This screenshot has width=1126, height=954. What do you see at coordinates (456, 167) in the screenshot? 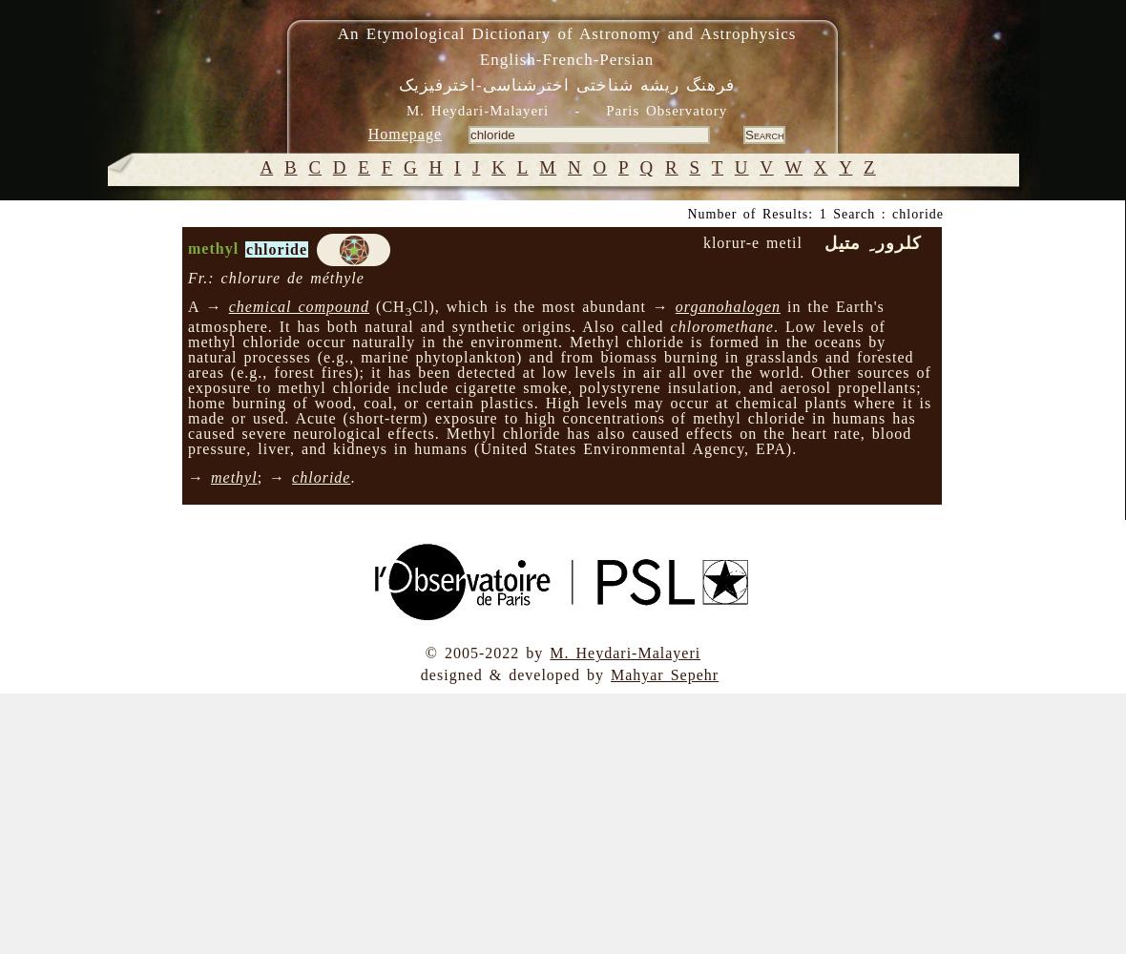
I see `'I'` at bounding box center [456, 167].